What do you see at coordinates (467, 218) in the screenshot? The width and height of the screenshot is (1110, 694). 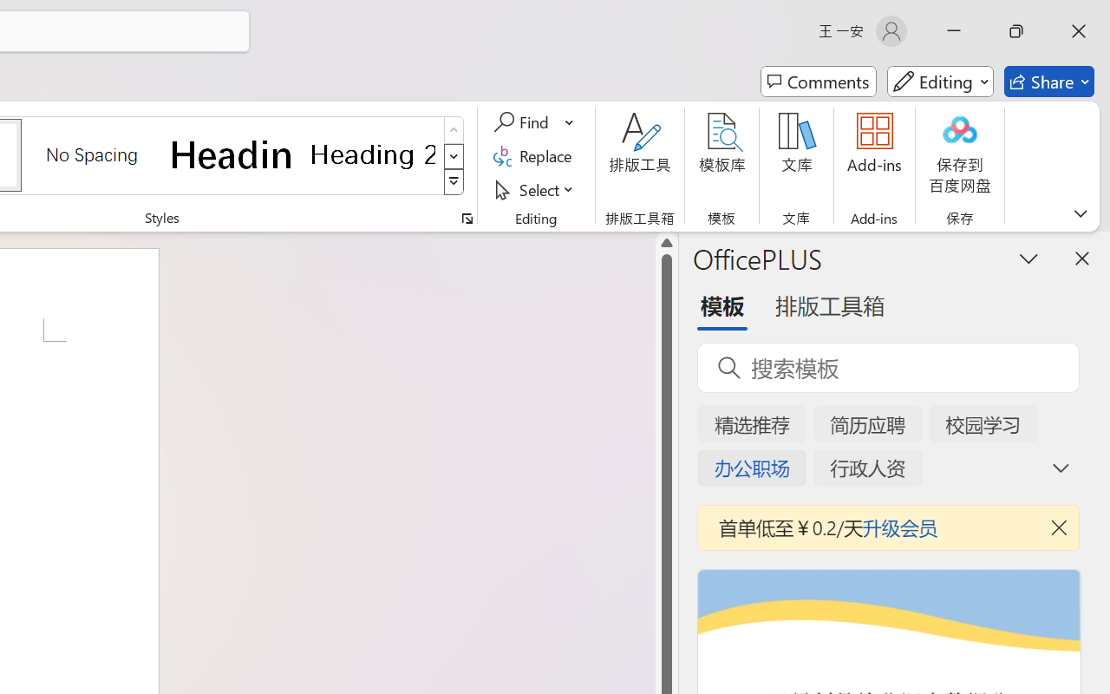 I see `'Styles...'` at bounding box center [467, 218].